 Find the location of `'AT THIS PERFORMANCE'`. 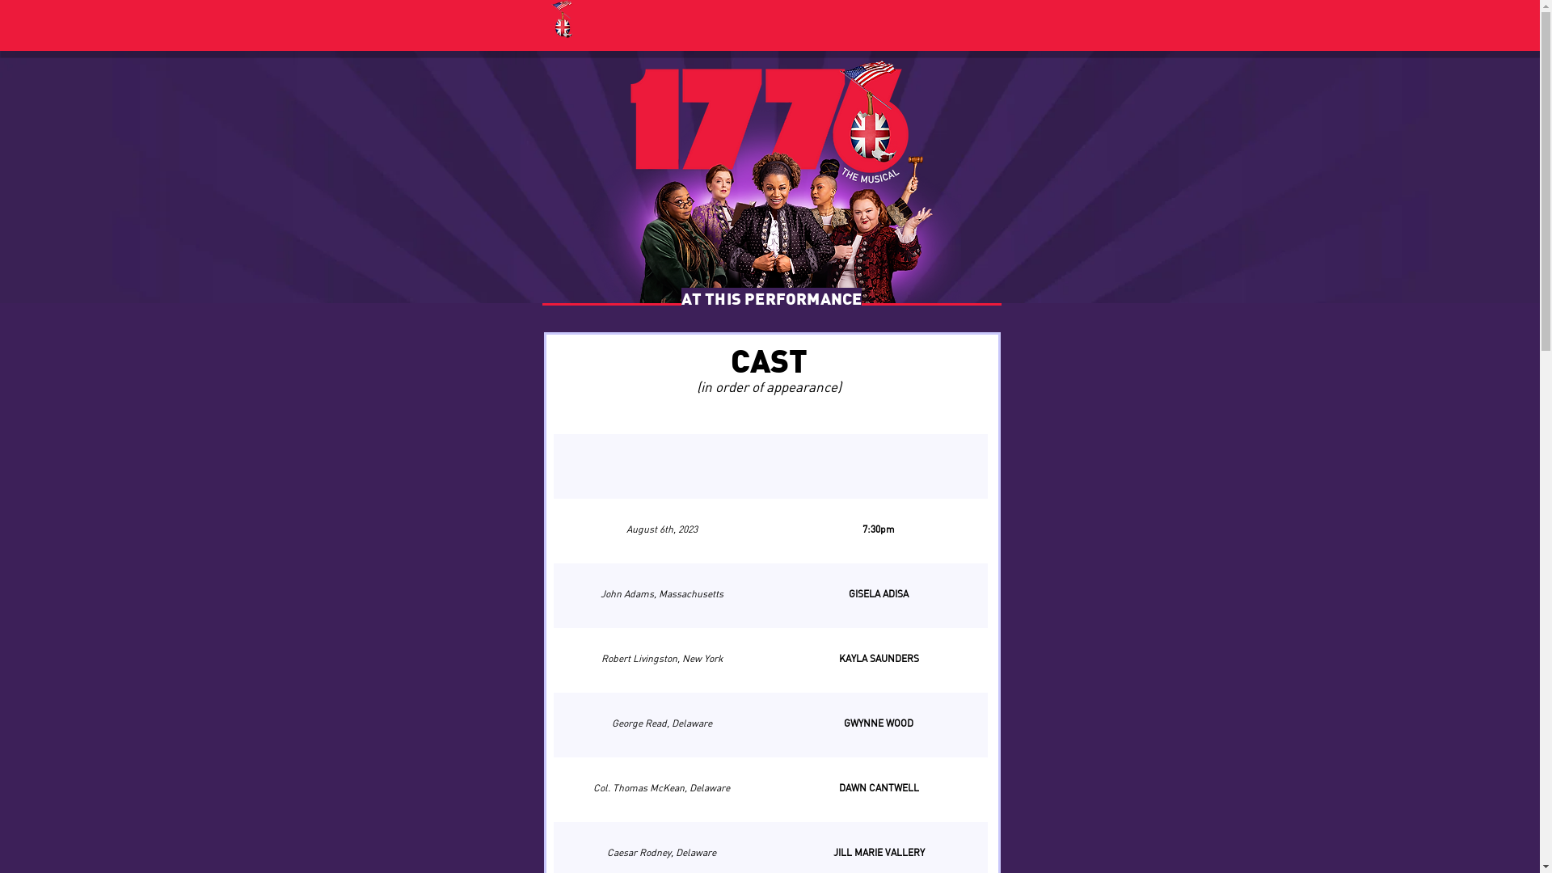

'AT THIS PERFORMANCE' is located at coordinates (681, 297).